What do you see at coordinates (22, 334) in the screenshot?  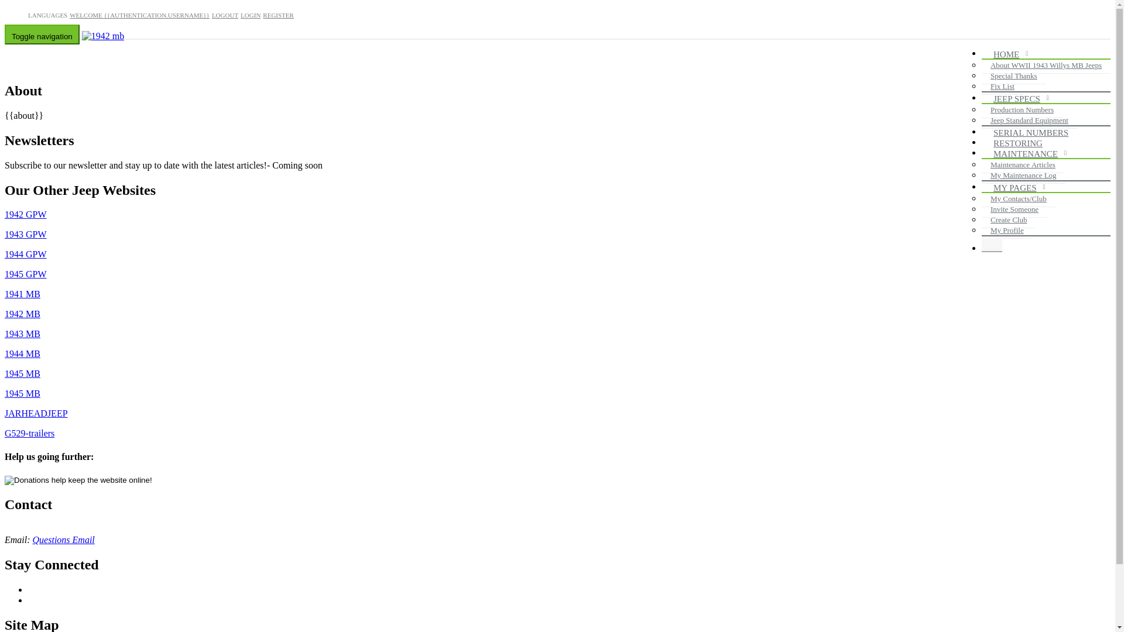 I see `'1943 MB'` at bounding box center [22, 334].